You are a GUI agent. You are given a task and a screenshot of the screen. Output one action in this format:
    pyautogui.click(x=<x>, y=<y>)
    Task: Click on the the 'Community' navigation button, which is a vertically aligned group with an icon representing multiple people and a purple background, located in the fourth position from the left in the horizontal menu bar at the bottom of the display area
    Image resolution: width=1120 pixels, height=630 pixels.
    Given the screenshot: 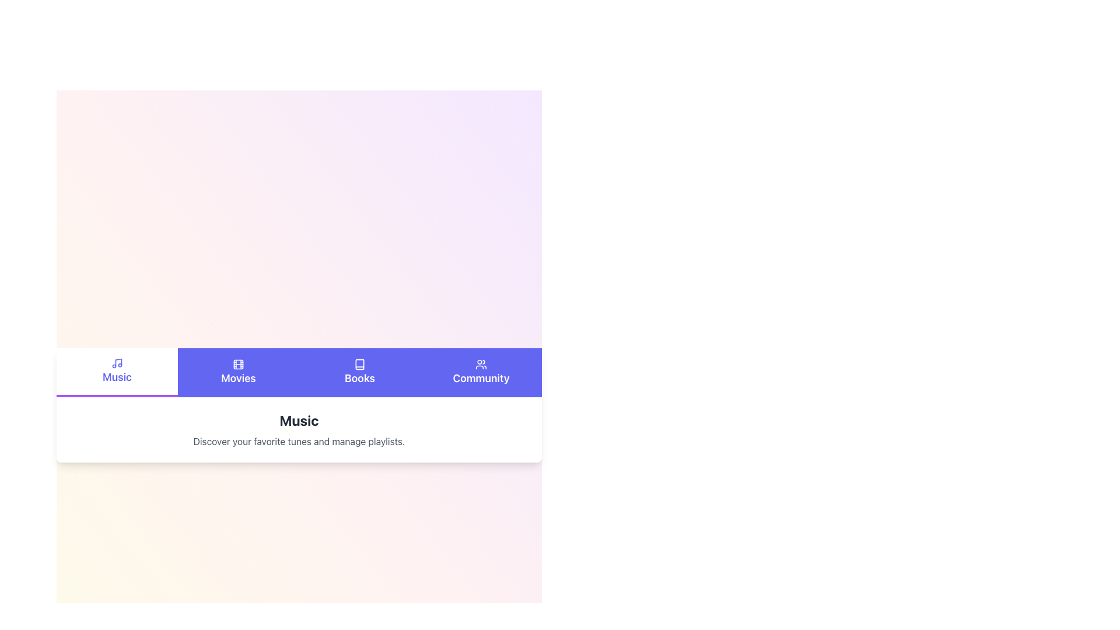 What is the action you would take?
    pyautogui.click(x=481, y=373)
    